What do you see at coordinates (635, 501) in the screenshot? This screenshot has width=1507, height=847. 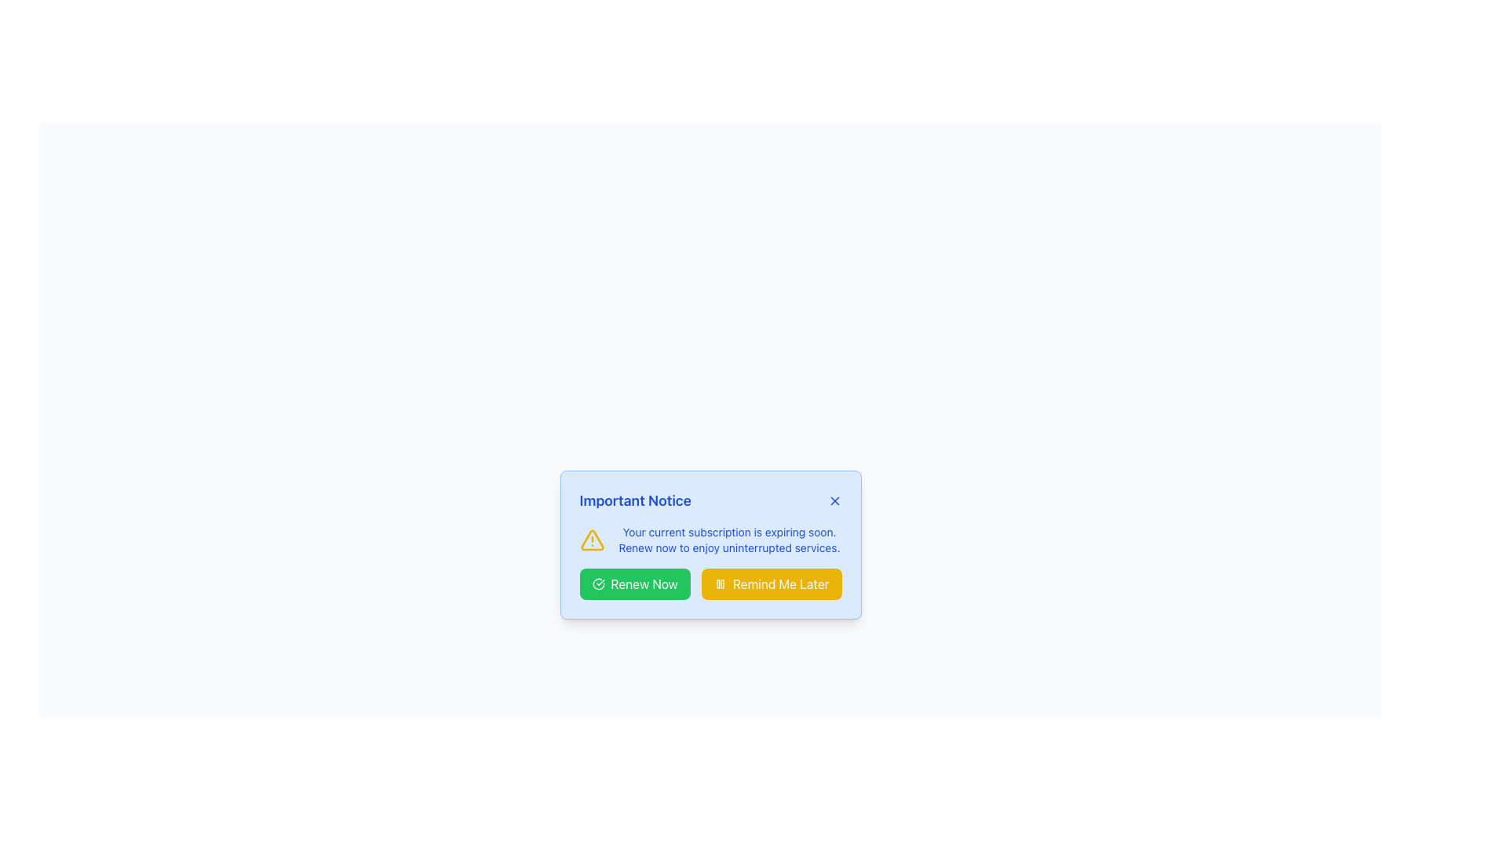 I see `the 'Important Notice' text label, which is styled with a bold font and blue color, located in the top-left of the dialog box with a pastel blue background` at bounding box center [635, 501].